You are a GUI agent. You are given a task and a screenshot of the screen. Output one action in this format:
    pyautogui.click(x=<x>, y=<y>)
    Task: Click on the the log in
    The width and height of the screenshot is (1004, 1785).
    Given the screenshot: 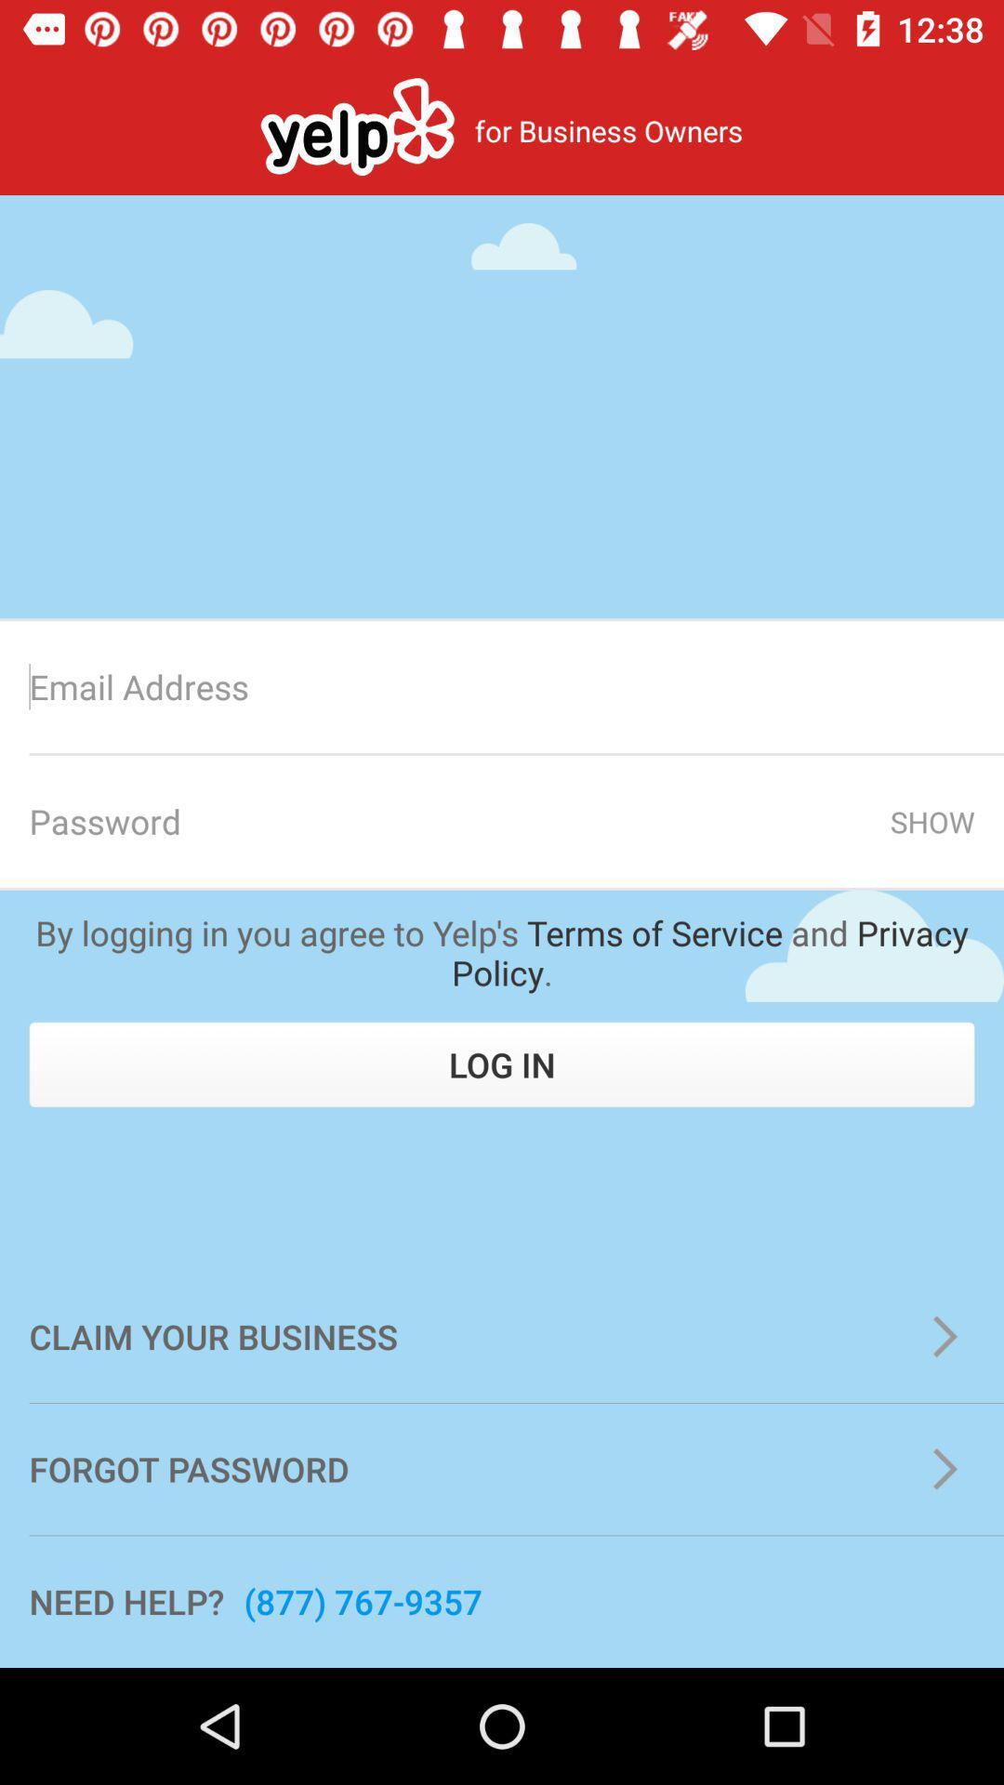 What is the action you would take?
    pyautogui.click(x=502, y=1064)
    